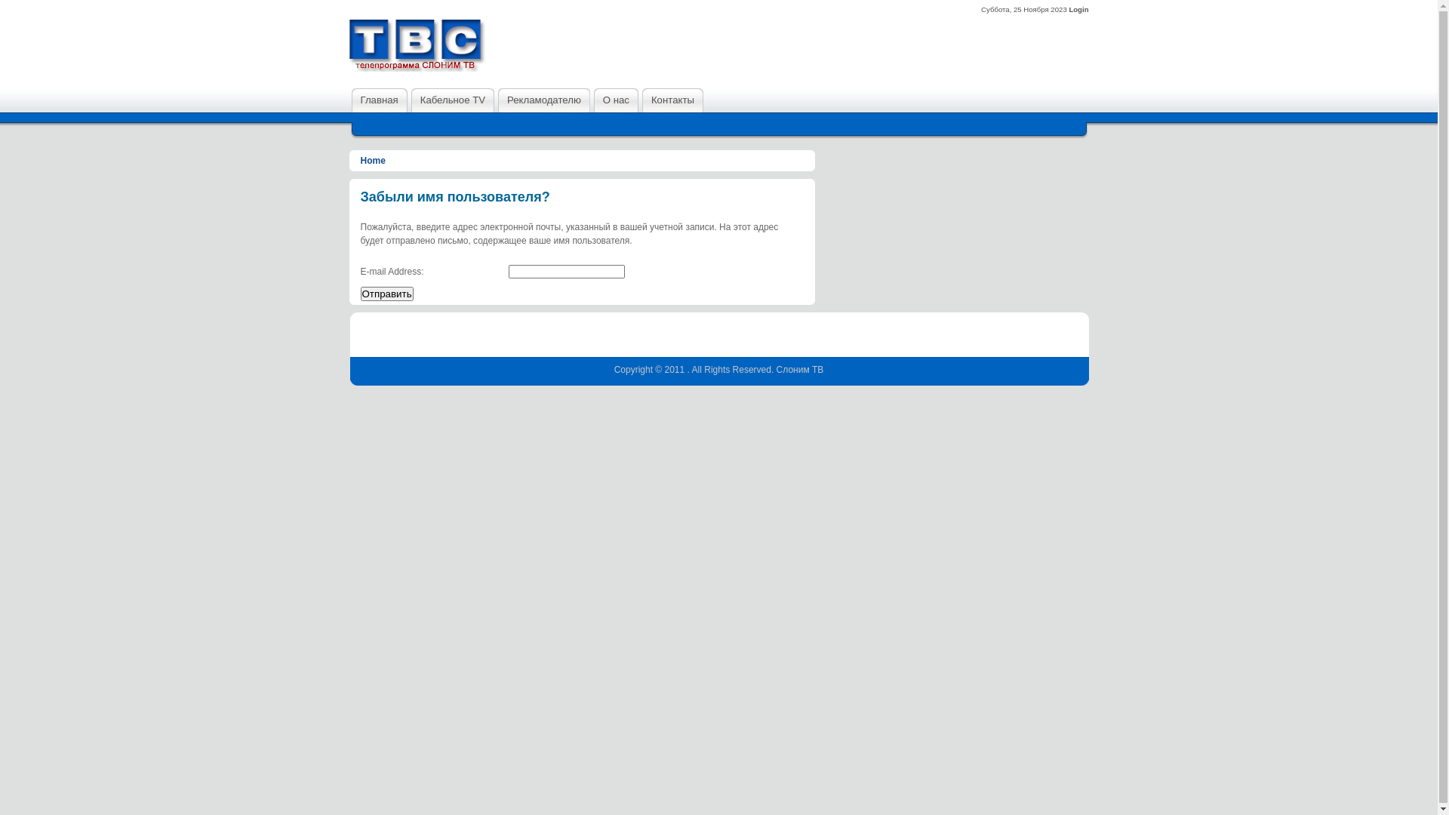  Describe the element at coordinates (1078, 9) in the screenshot. I see `'Login'` at that location.